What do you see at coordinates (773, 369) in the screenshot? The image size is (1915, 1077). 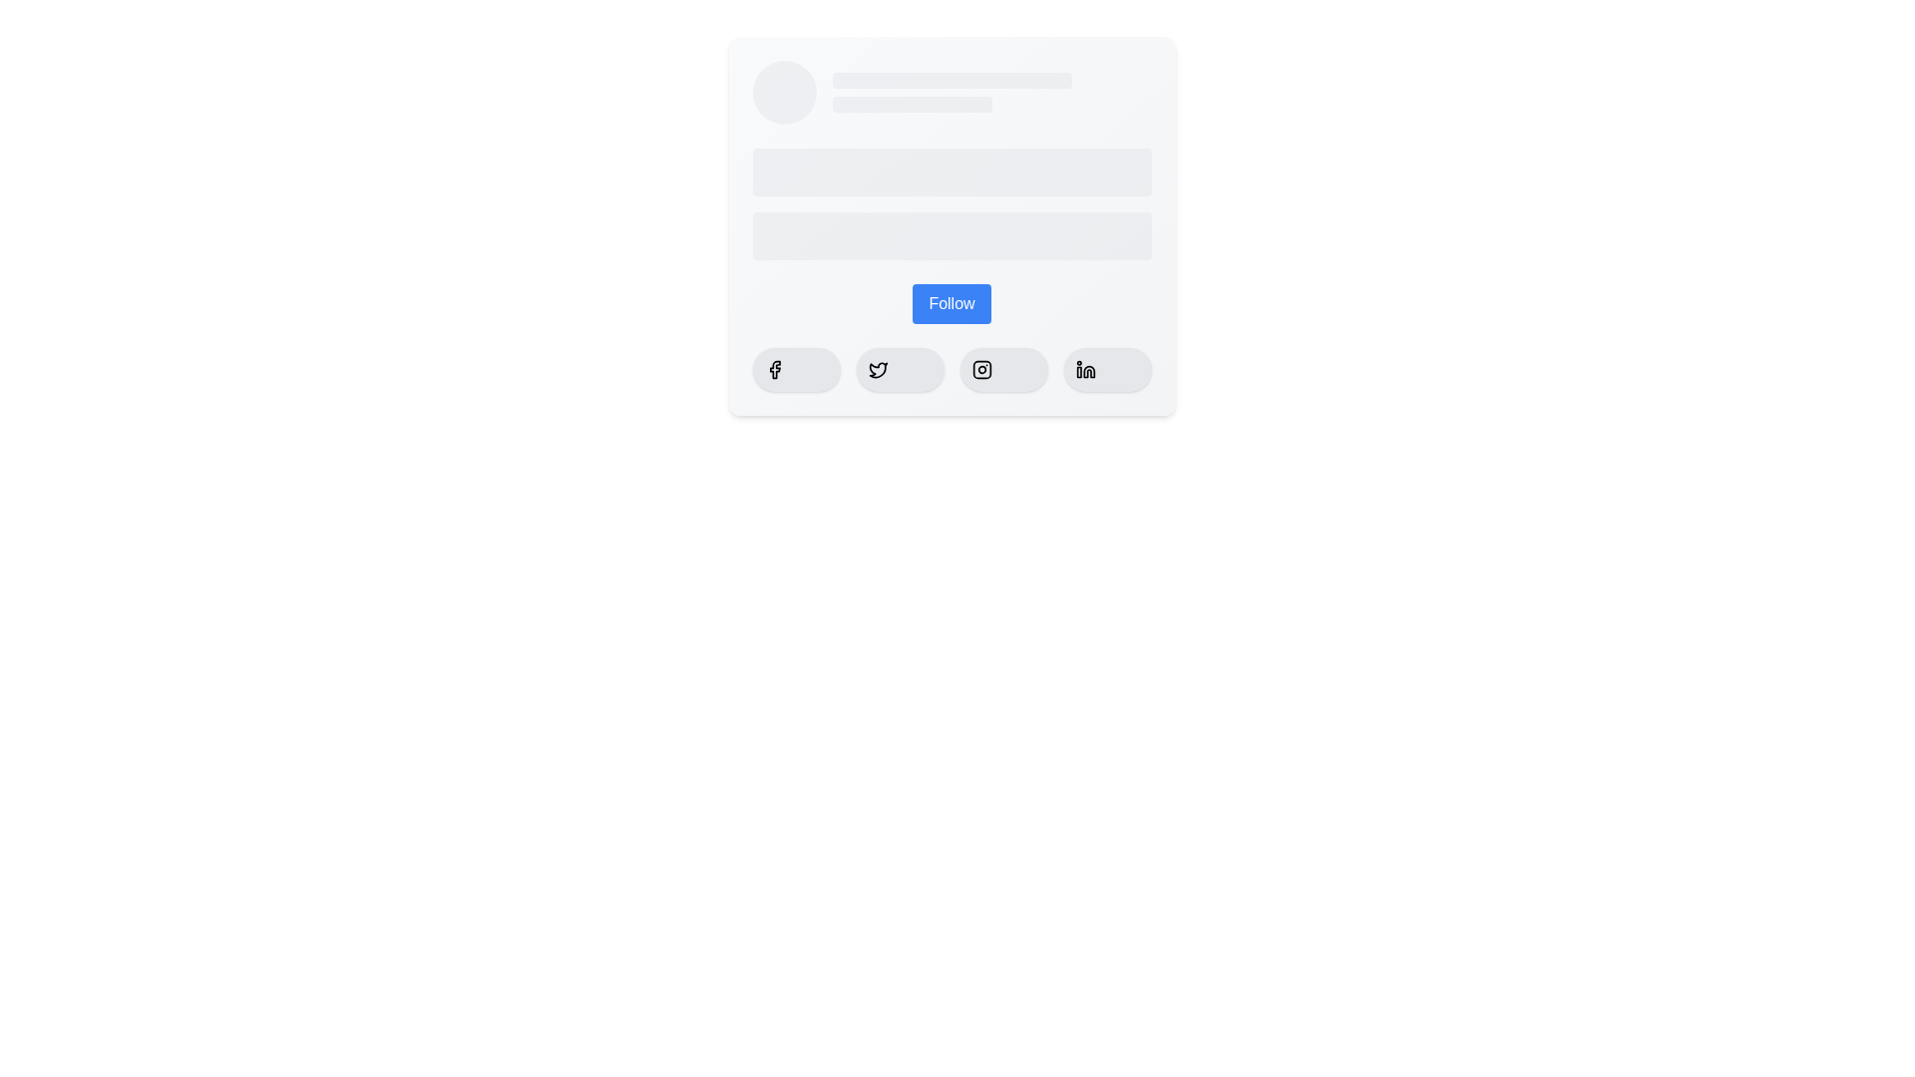 I see `the Facebook icon, which is the first icon in a row of similar icons under the 'Follow' button, representing a link to Facebook` at bounding box center [773, 369].